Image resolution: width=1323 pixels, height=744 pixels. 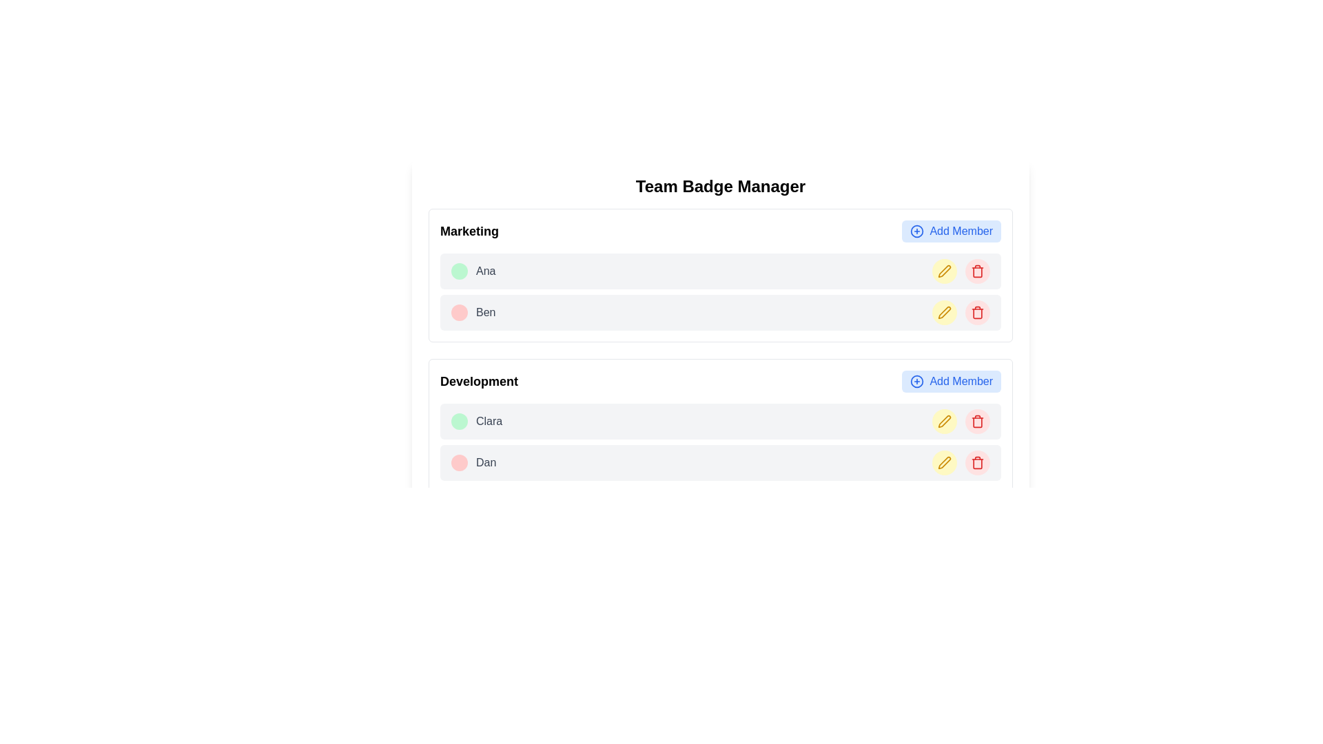 What do you see at coordinates (460, 313) in the screenshot?
I see `the circular badge with a red background and 'Inactive' text, located in the second row of the 'Marketing' section, preceding the username 'Ben.'` at bounding box center [460, 313].